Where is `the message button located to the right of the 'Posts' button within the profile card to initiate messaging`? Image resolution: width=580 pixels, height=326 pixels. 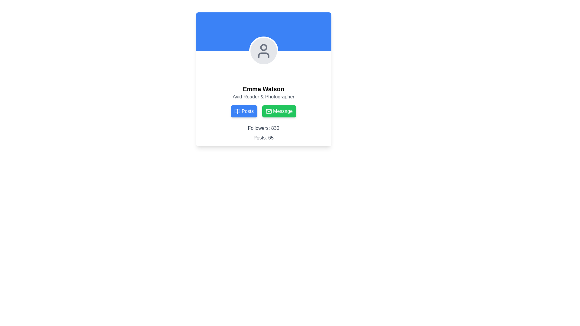
the message button located to the right of the 'Posts' button within the profile card to initiate messaging is located at coordinates (279, 111).